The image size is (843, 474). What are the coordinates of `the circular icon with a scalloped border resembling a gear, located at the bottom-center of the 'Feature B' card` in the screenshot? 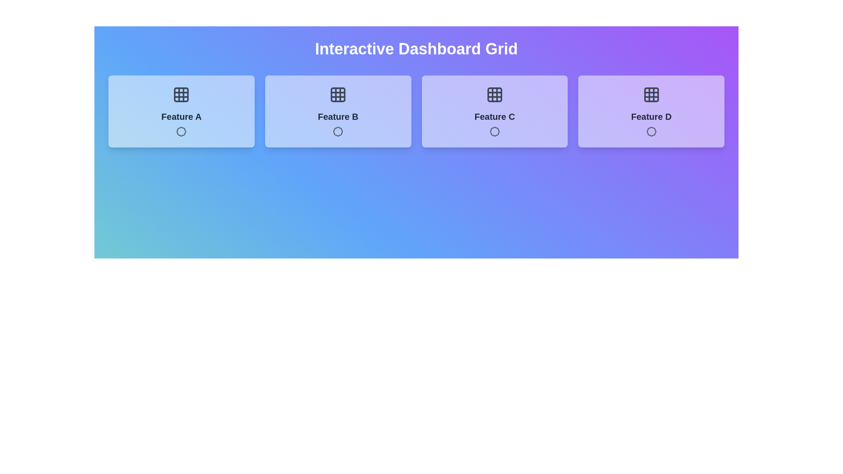 It's located at (338, 132).